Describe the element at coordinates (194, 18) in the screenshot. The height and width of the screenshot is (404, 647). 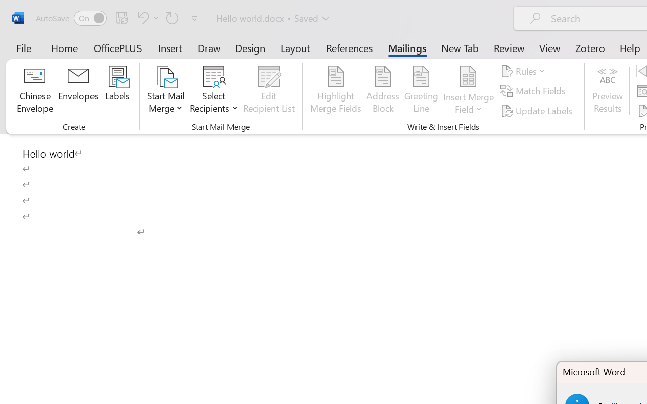
I see `'Customize Quick Access Toolbar'` at that location.